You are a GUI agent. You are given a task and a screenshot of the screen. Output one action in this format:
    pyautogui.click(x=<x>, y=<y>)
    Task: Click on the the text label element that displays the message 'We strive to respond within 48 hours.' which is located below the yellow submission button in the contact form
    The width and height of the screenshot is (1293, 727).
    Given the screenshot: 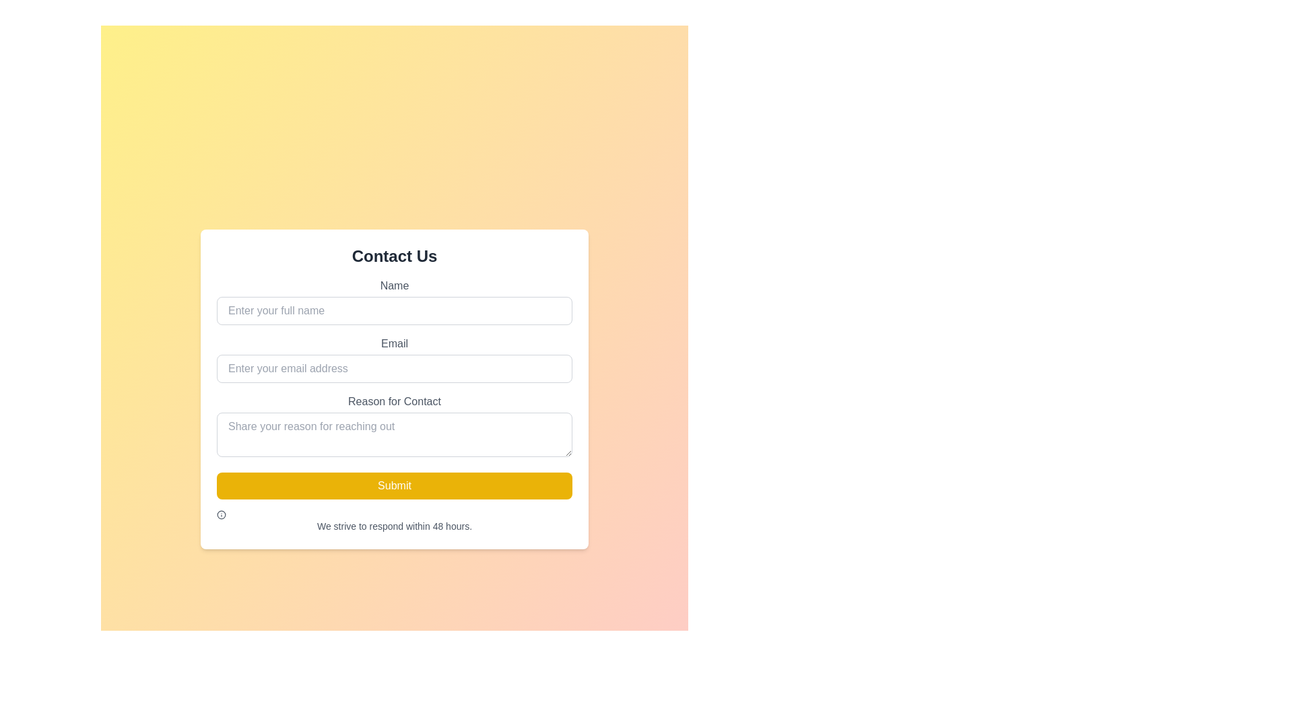 What is the action you would take?
    pyautogui.click(x=393, y=520)
    